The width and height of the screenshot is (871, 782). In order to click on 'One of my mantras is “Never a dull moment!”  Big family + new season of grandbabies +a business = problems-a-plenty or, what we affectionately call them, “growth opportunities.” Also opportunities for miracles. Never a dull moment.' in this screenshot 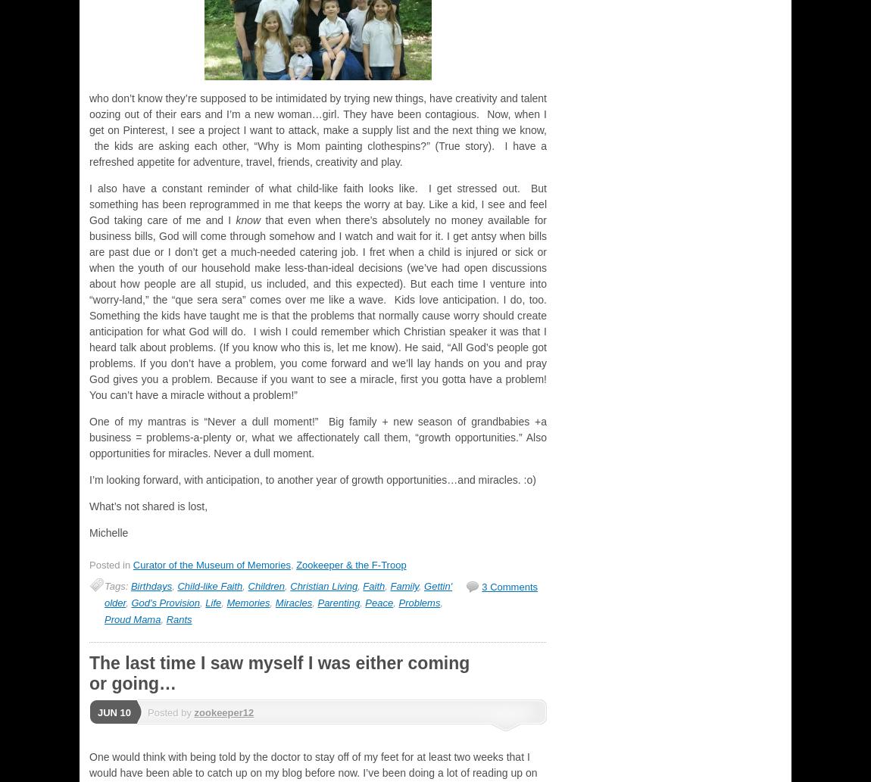, I will do `click(317, 436)`.